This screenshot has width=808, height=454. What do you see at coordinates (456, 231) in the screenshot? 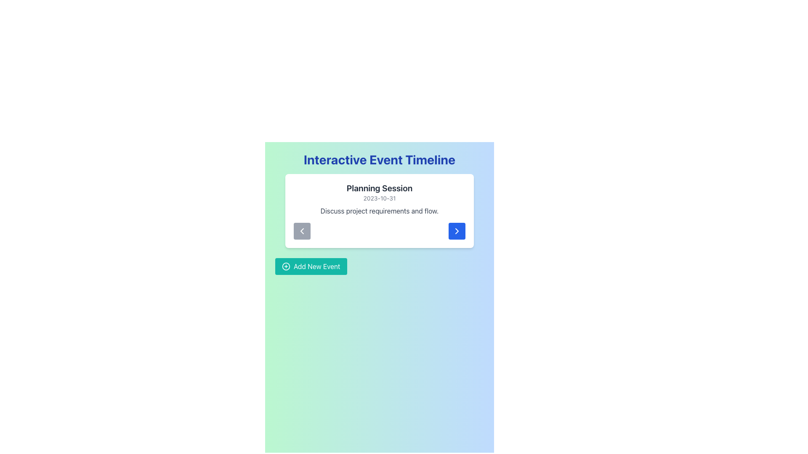
I see `the right-pointing arrow icon, which is styled with a thin outline and rounded edges, located within a blue button in the top-right corner of the white card about a planning session` at bounding box center [456, 231].